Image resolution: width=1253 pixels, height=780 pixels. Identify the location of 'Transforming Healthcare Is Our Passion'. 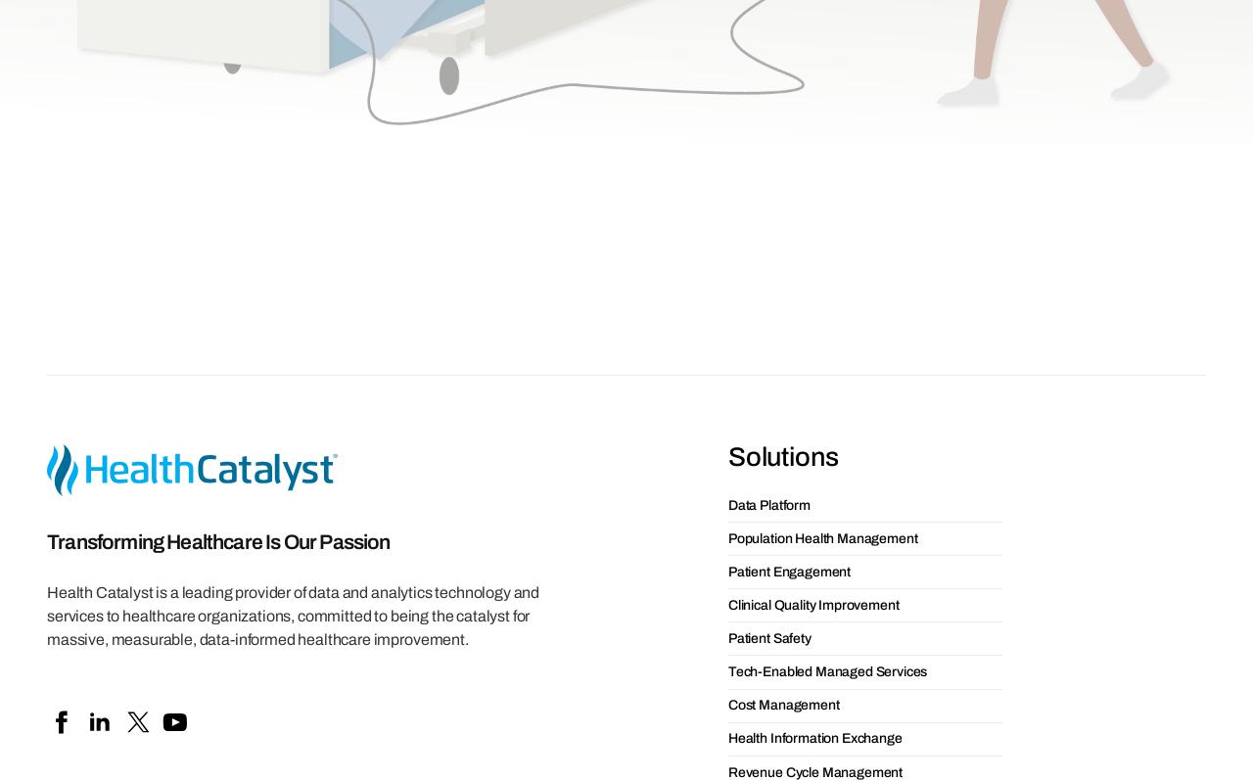
(217, 190).